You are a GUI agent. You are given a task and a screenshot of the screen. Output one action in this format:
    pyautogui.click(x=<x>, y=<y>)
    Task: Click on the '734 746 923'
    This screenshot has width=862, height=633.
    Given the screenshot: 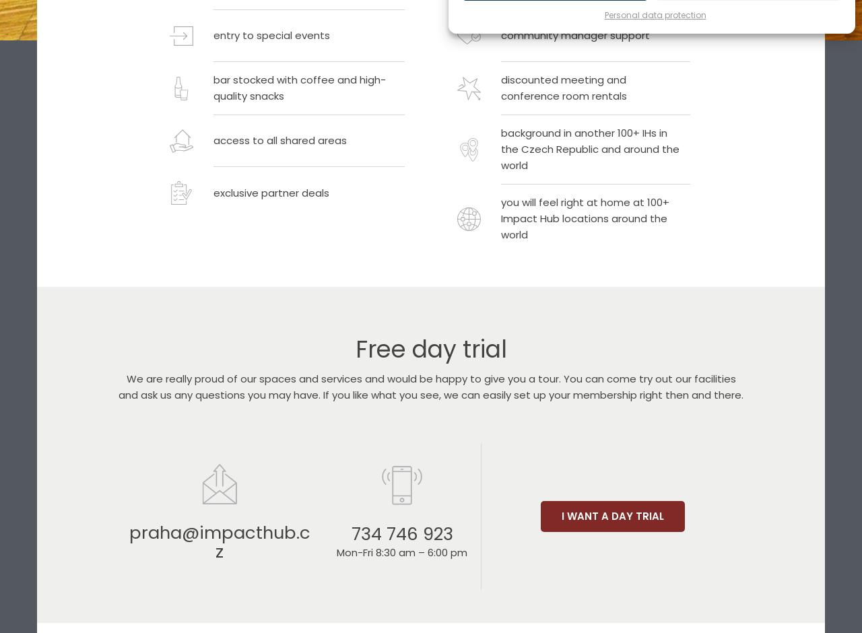 What is the action you would take?
    pyautogui.click(x=401, y=533)
    